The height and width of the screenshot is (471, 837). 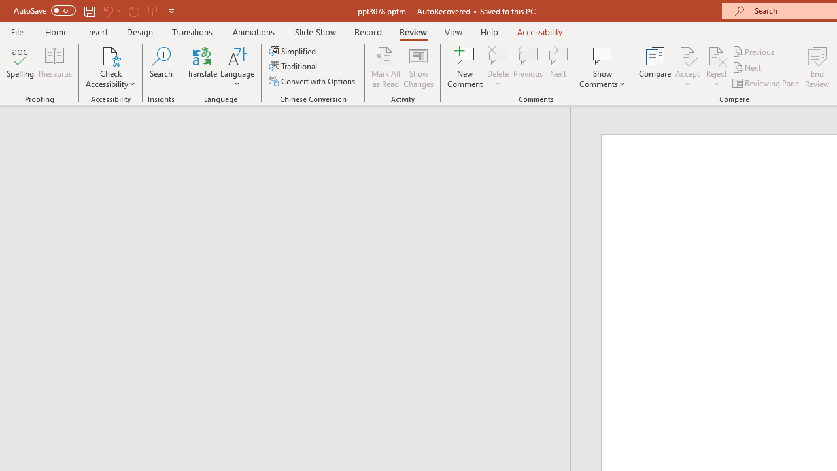 What do you see at coordinates (716, 67) in the screenshot?
I see `'Reject'` at bounding box center [716, 67].